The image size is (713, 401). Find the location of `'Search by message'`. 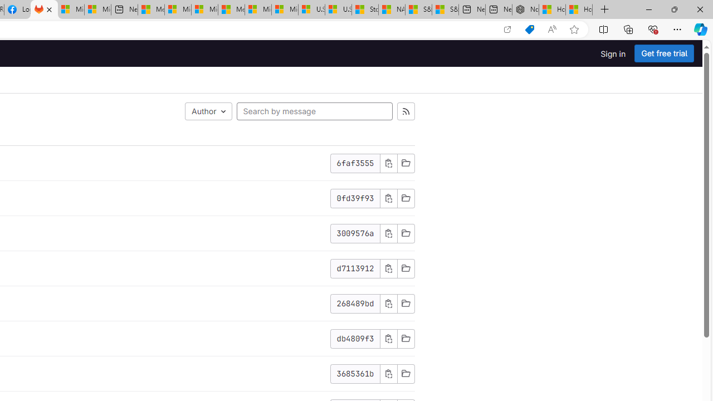

'Search by message' is located at coordinates (314, 111).